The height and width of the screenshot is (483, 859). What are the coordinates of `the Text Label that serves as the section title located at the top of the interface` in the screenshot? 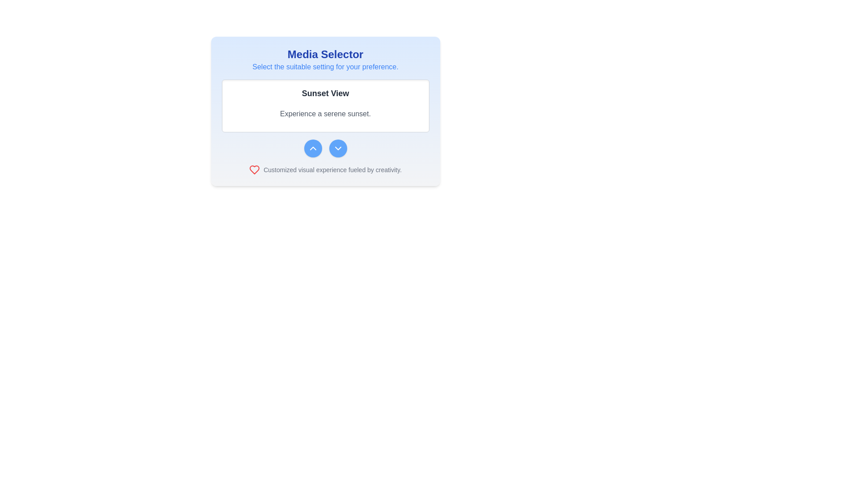 It's located at (325, 55).